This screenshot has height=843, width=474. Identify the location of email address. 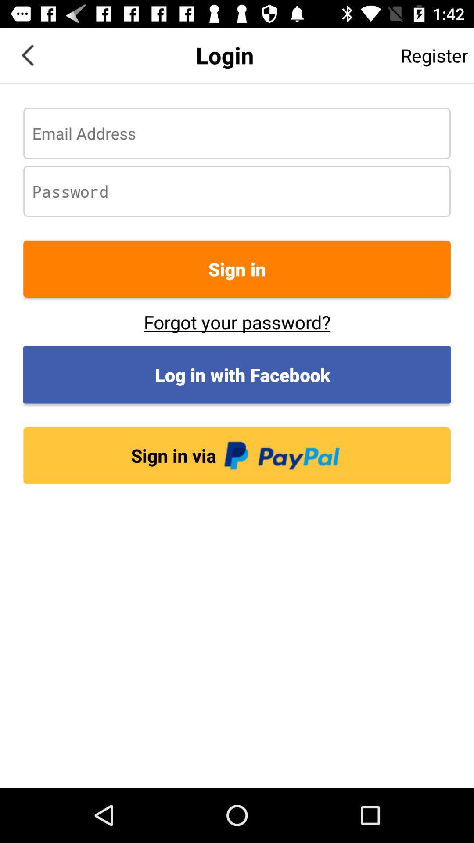
(237, 133).